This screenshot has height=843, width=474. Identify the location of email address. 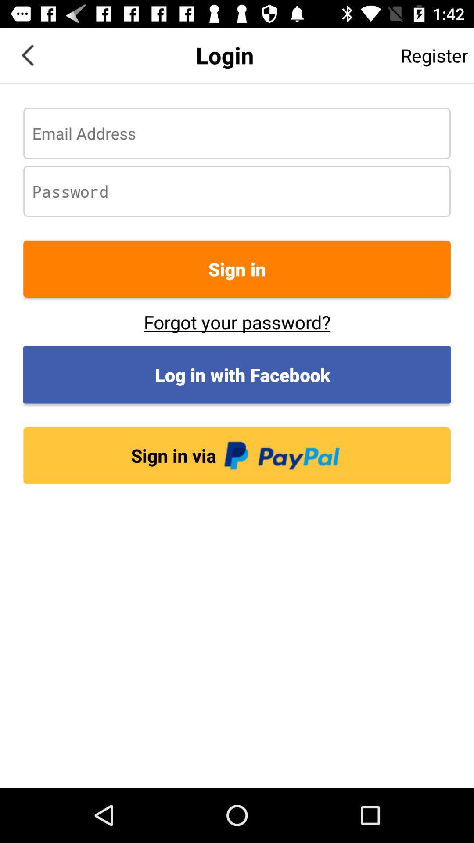
(237, 133).